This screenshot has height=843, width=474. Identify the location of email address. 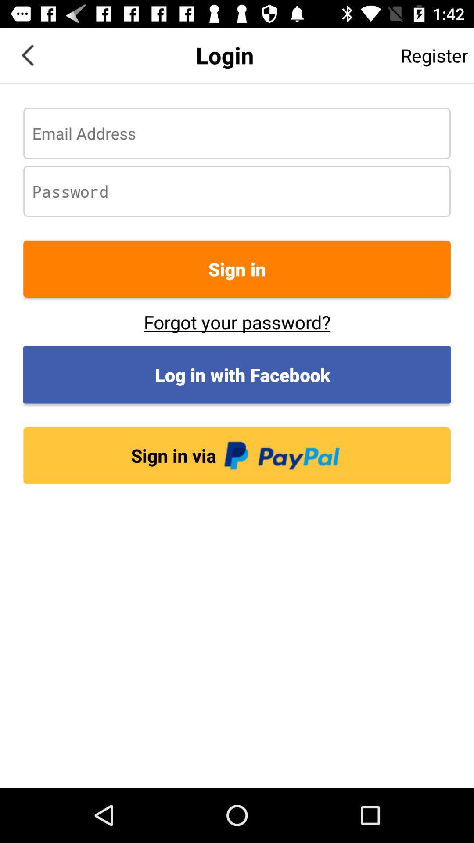
(237, 133).